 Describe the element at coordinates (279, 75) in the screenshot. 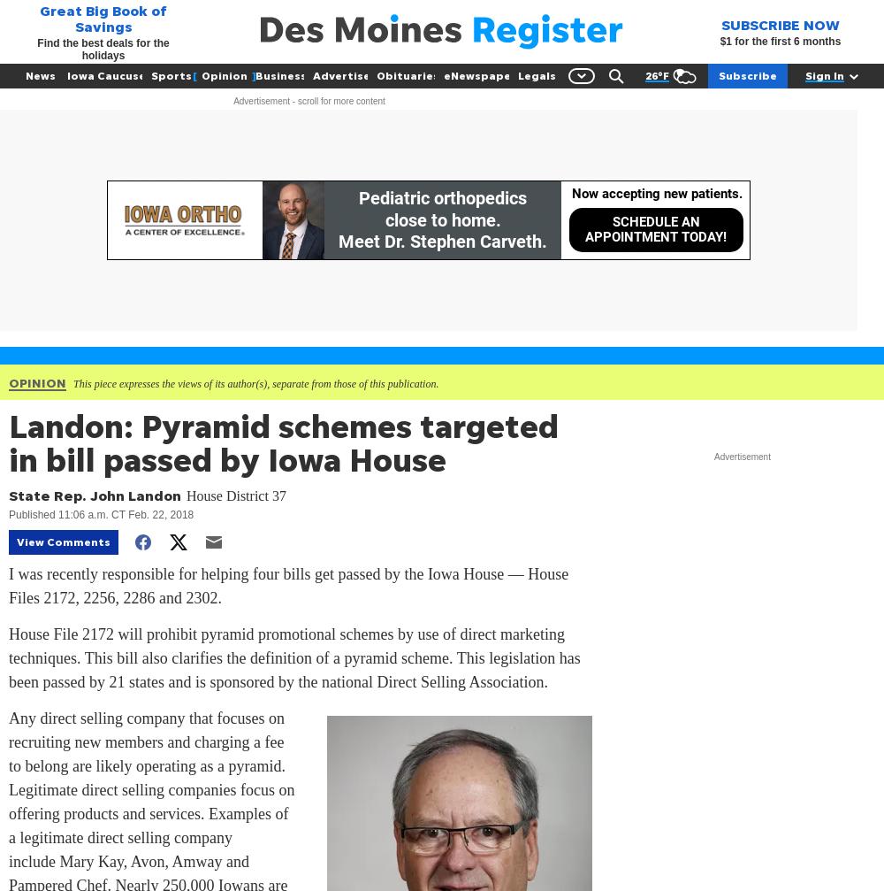

I see `'Business'` at that location.